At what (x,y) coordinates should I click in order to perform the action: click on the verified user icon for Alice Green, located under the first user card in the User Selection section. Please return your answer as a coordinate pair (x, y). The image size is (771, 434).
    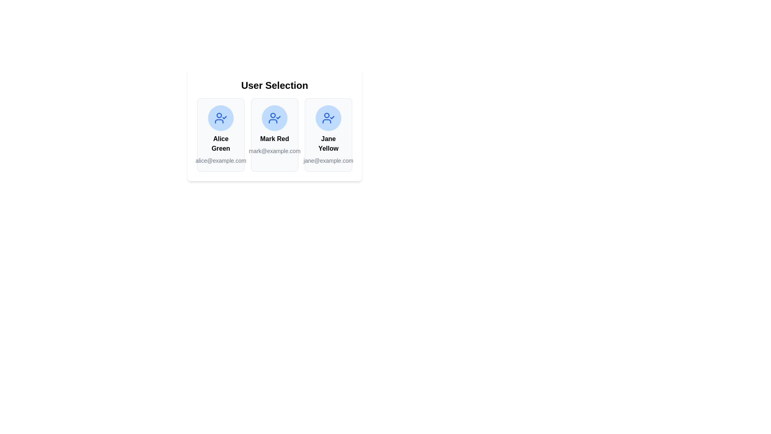
    Looking at the image, I should click on (219, 121).